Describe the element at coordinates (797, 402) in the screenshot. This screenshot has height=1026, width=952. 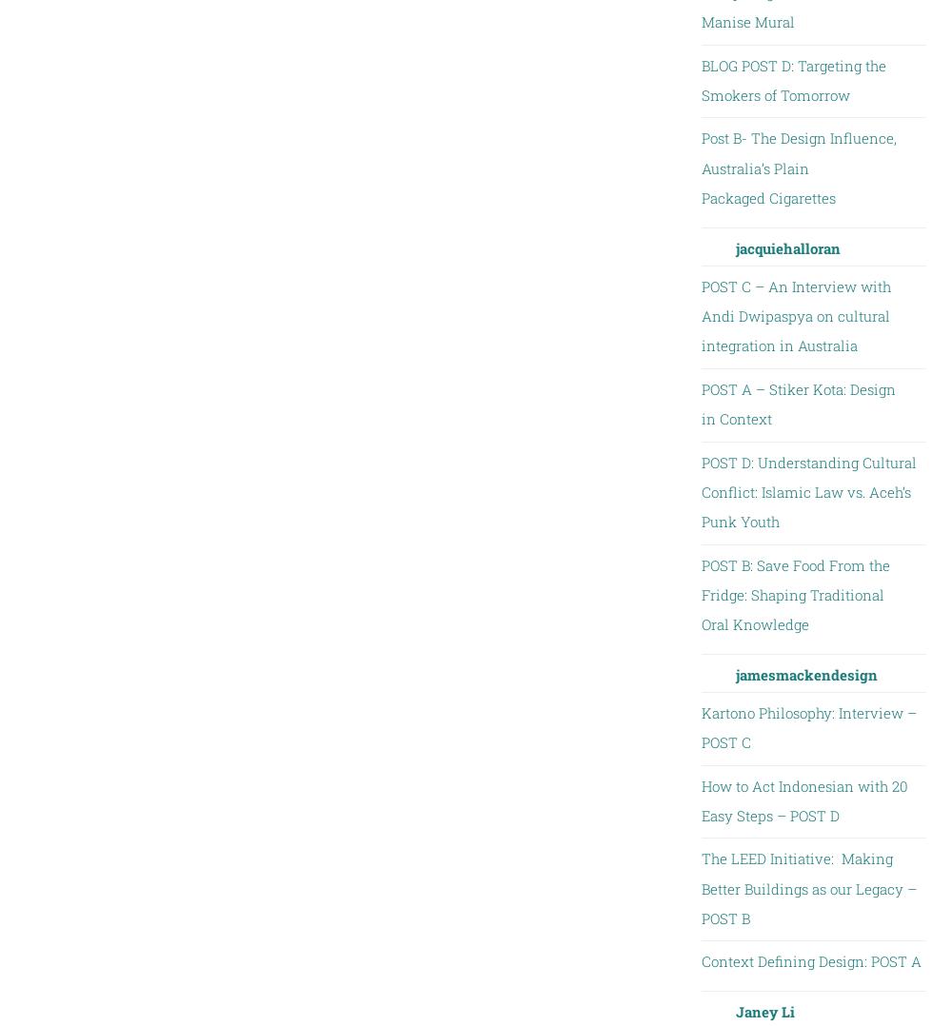
I see `'POST A – Stiker Kota: Design in Context'` at that location.